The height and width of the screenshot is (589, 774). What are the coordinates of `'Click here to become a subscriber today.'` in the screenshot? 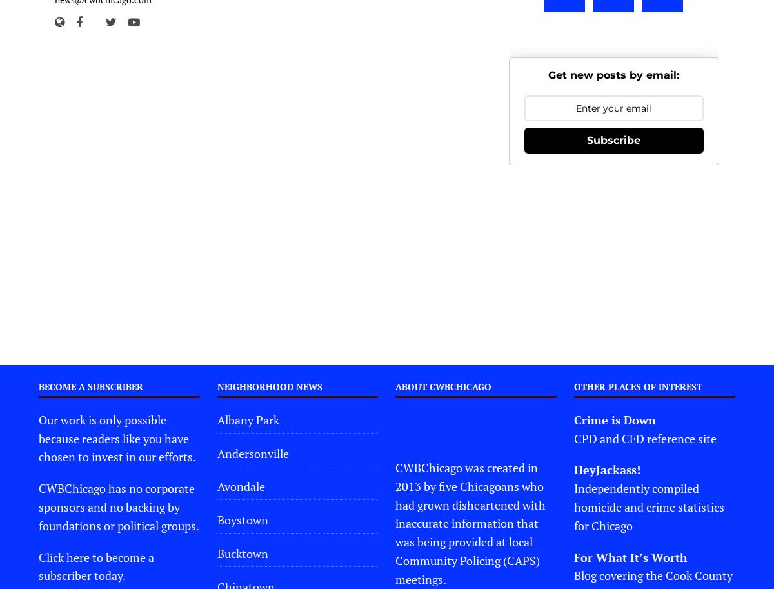 It's located at (96, 565).